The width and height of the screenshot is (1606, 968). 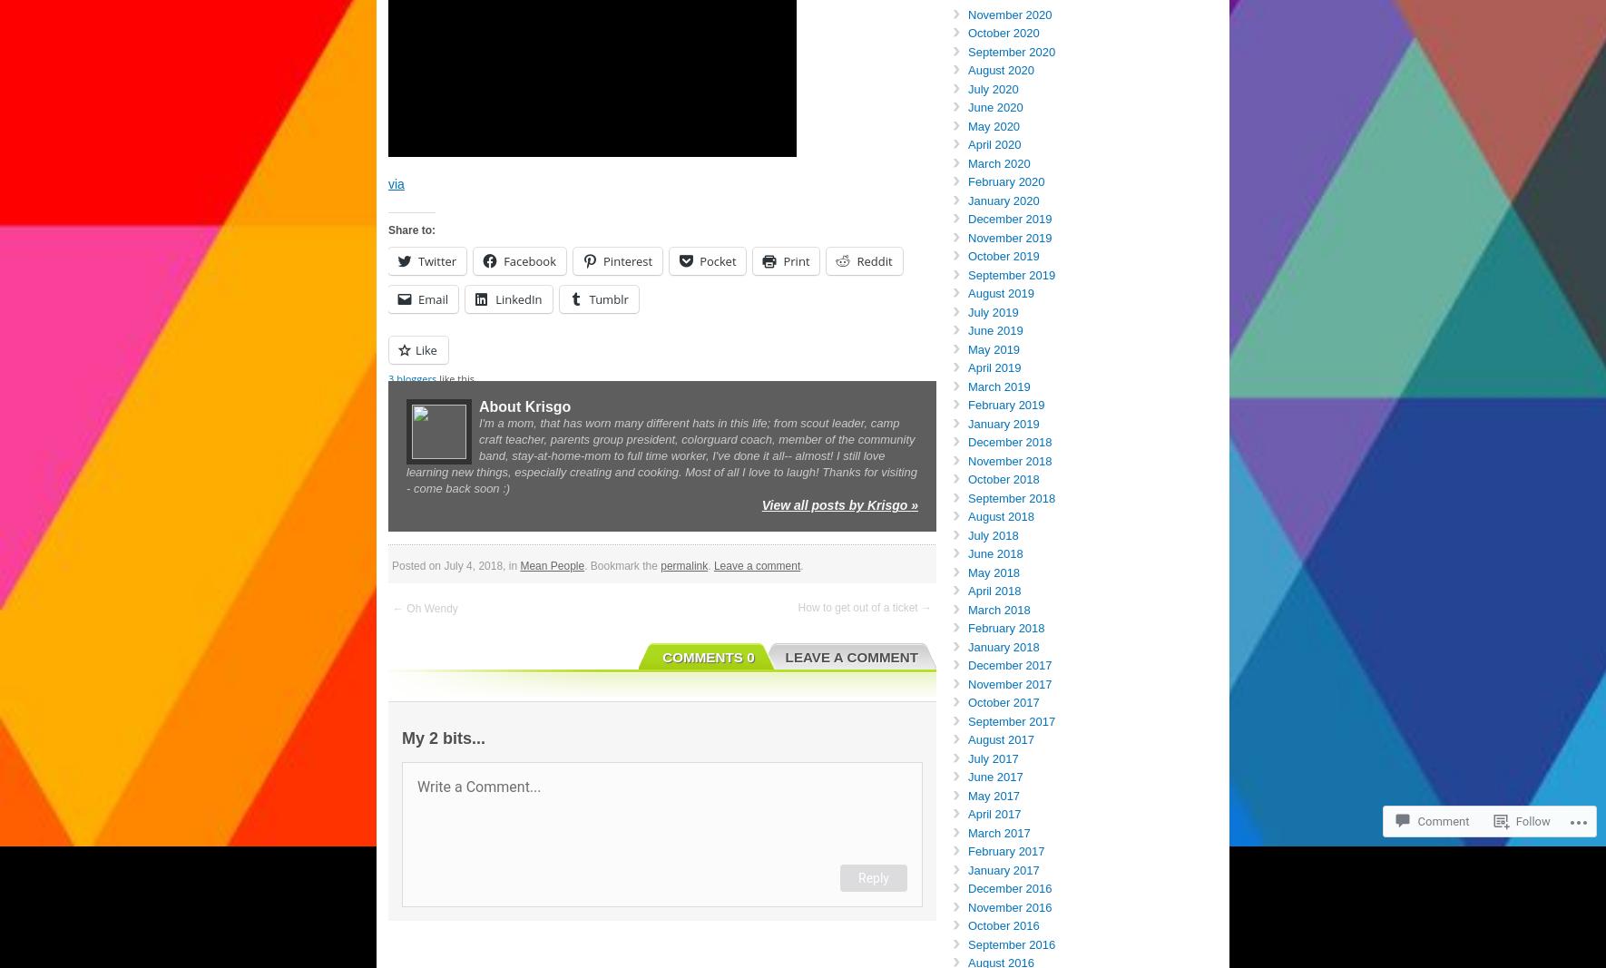 I want to click on 'Facebook', so click(x=504, y=260).